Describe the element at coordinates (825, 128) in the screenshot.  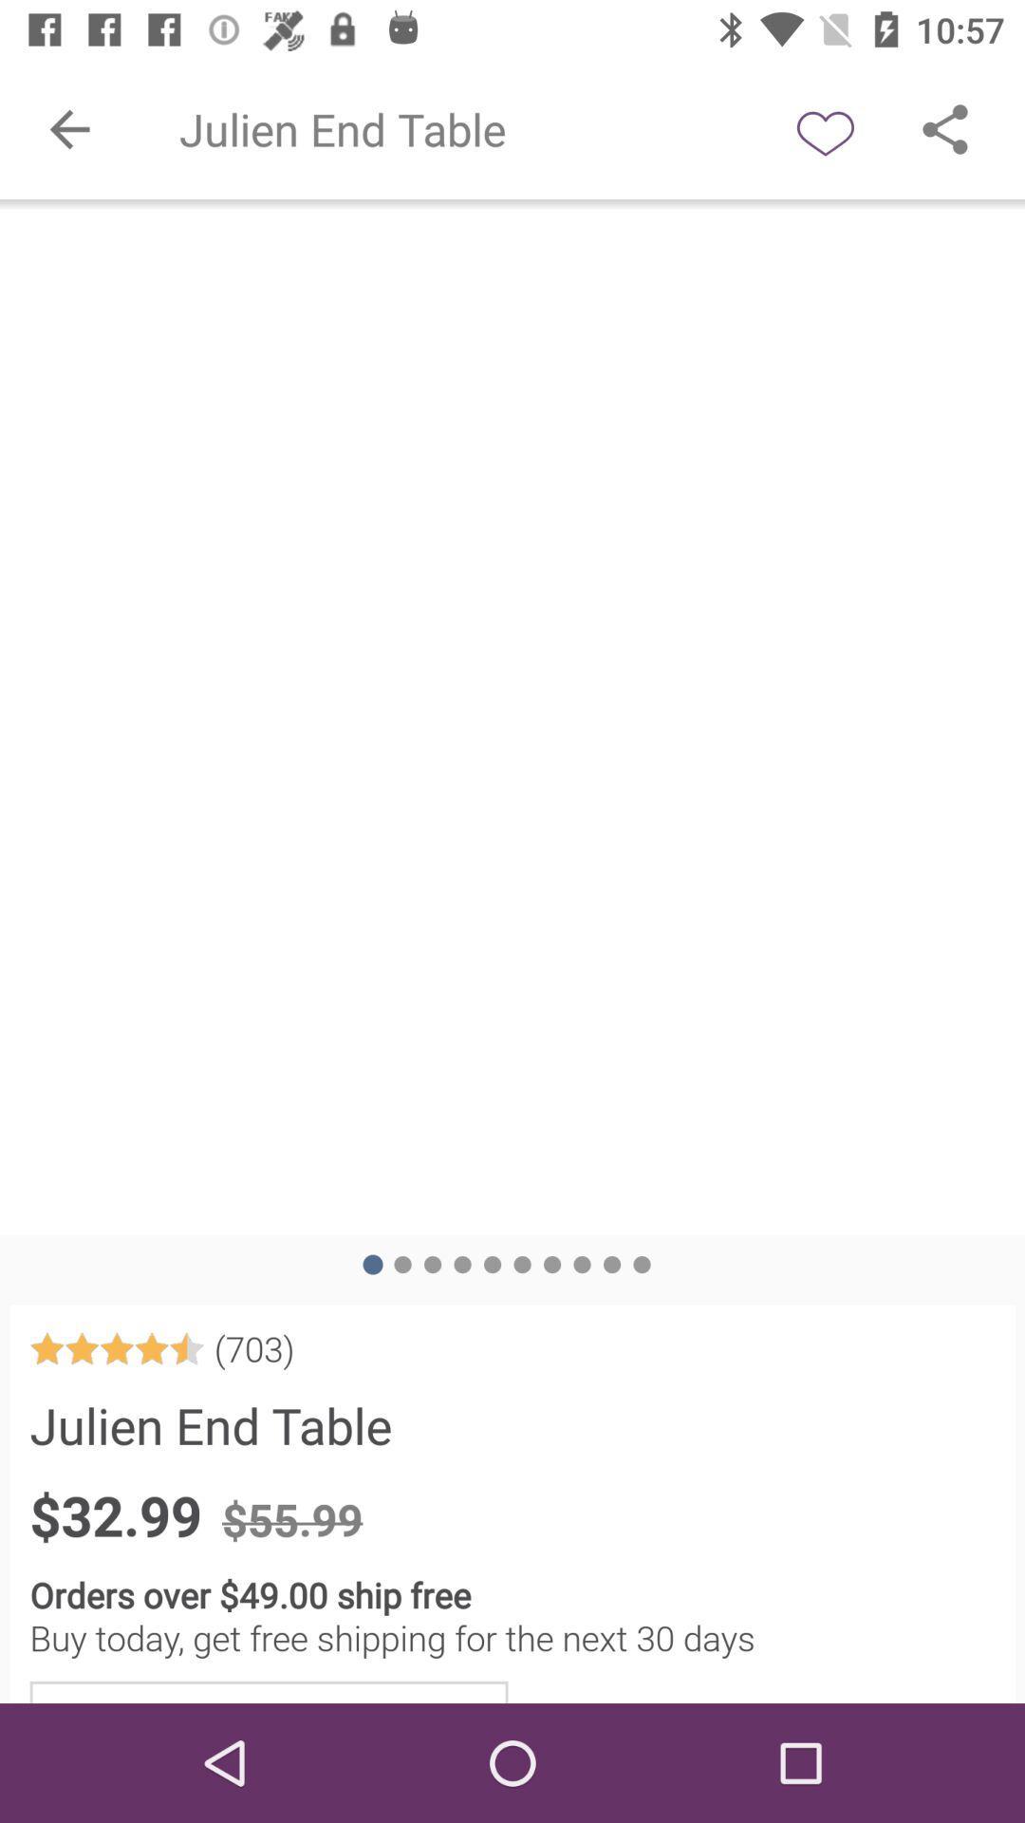
I see `like button` at that location.